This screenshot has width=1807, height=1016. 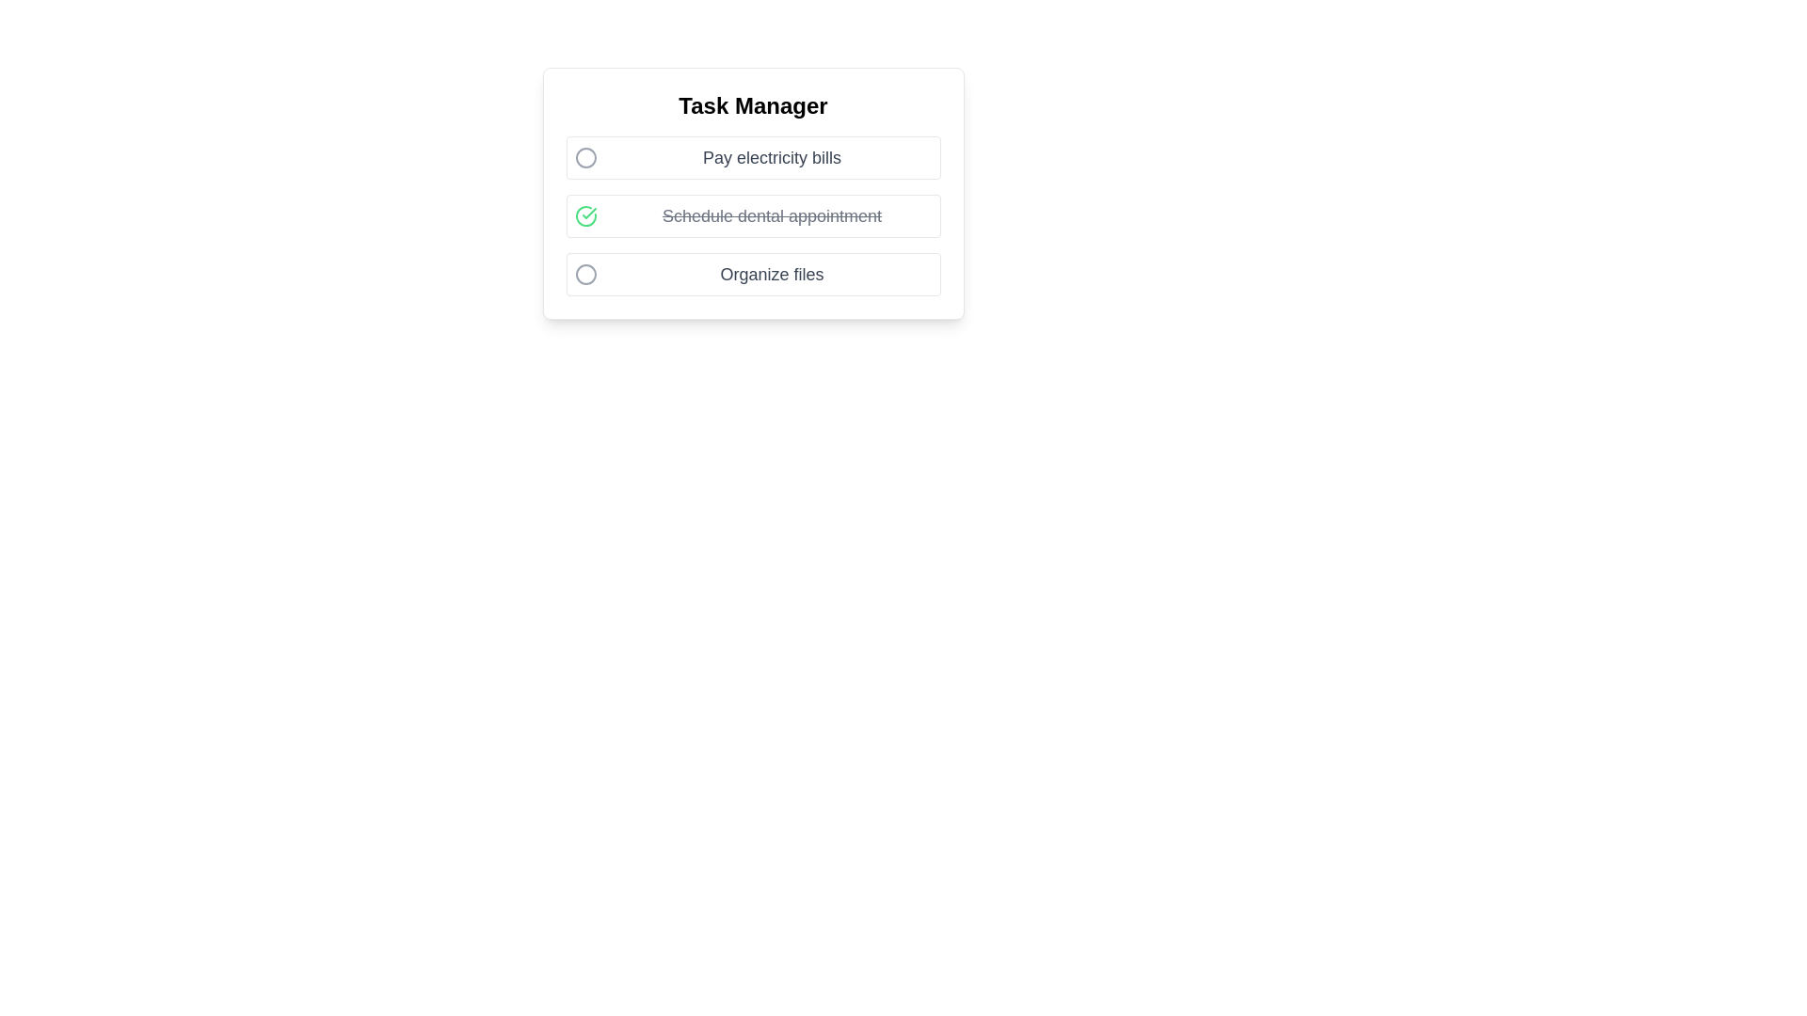 What do you see at coordinates (584, 157) in the screenshot?
I see `the circular graphical element that serves as a visual marker for the first task item in the task manager, located to the left of the task description 'Pay electricity bills.'` at bounding box center [584, 157].